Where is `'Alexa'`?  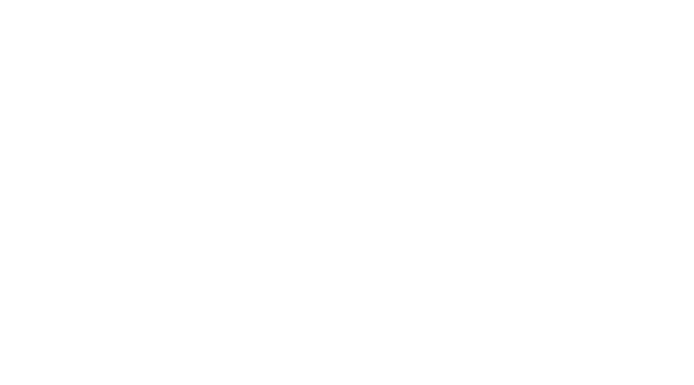
'Alexa' is located at coordinates (148, 120).